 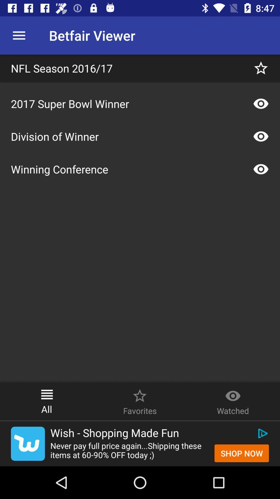 I want to click on view, so click(x=261, y=136).